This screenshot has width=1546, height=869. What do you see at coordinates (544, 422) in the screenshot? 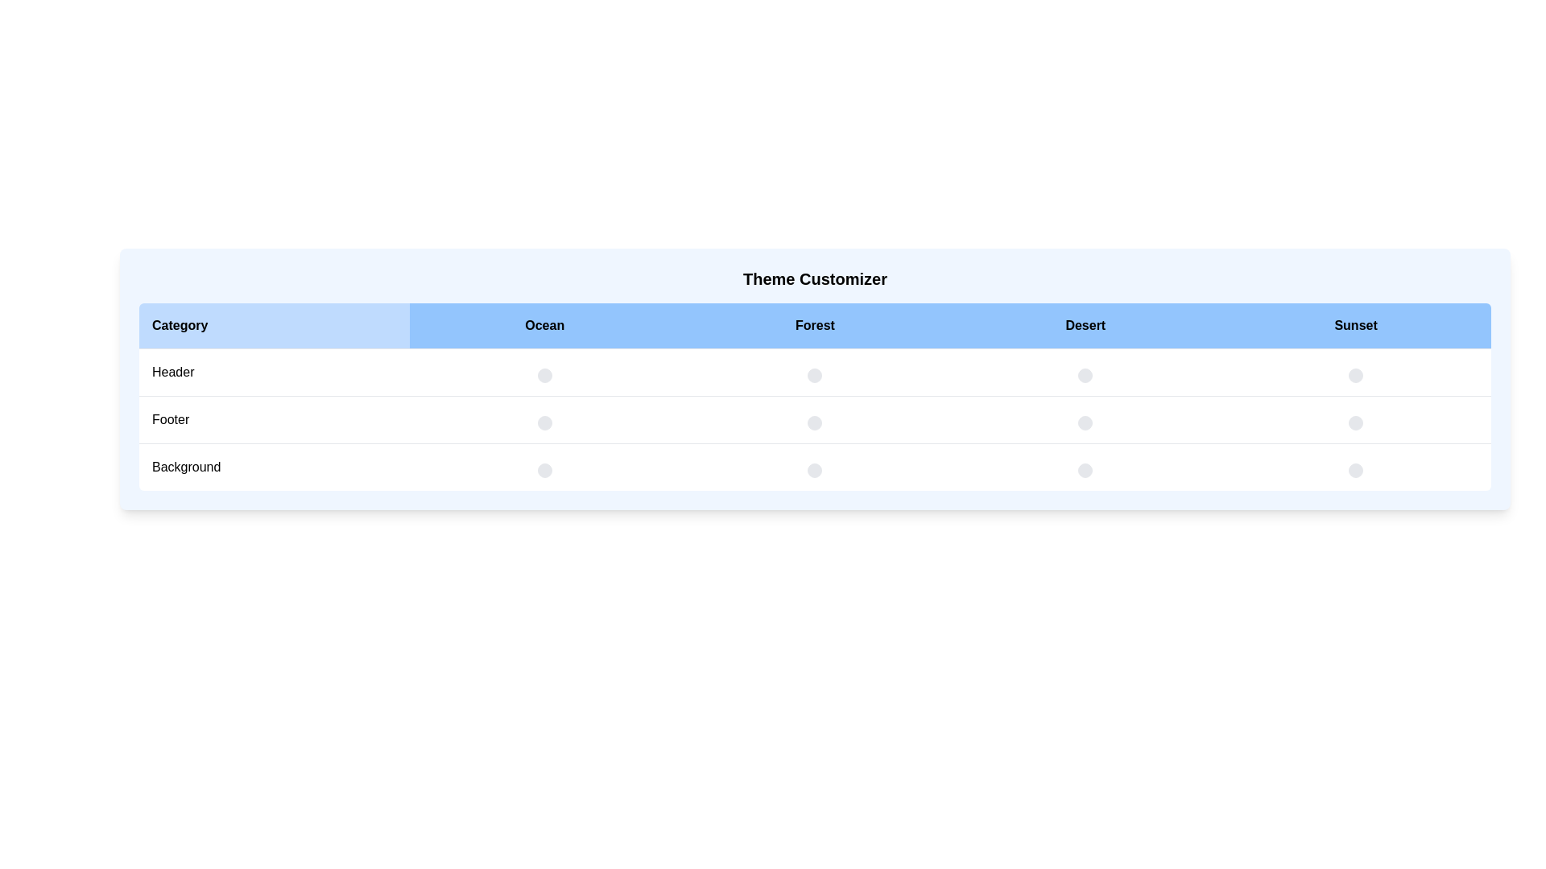
I see `the selectable option button in the second row and second column of the 'Theme Customizer' table, located under the 'Ocean' column` at bounding box center [544, 422].